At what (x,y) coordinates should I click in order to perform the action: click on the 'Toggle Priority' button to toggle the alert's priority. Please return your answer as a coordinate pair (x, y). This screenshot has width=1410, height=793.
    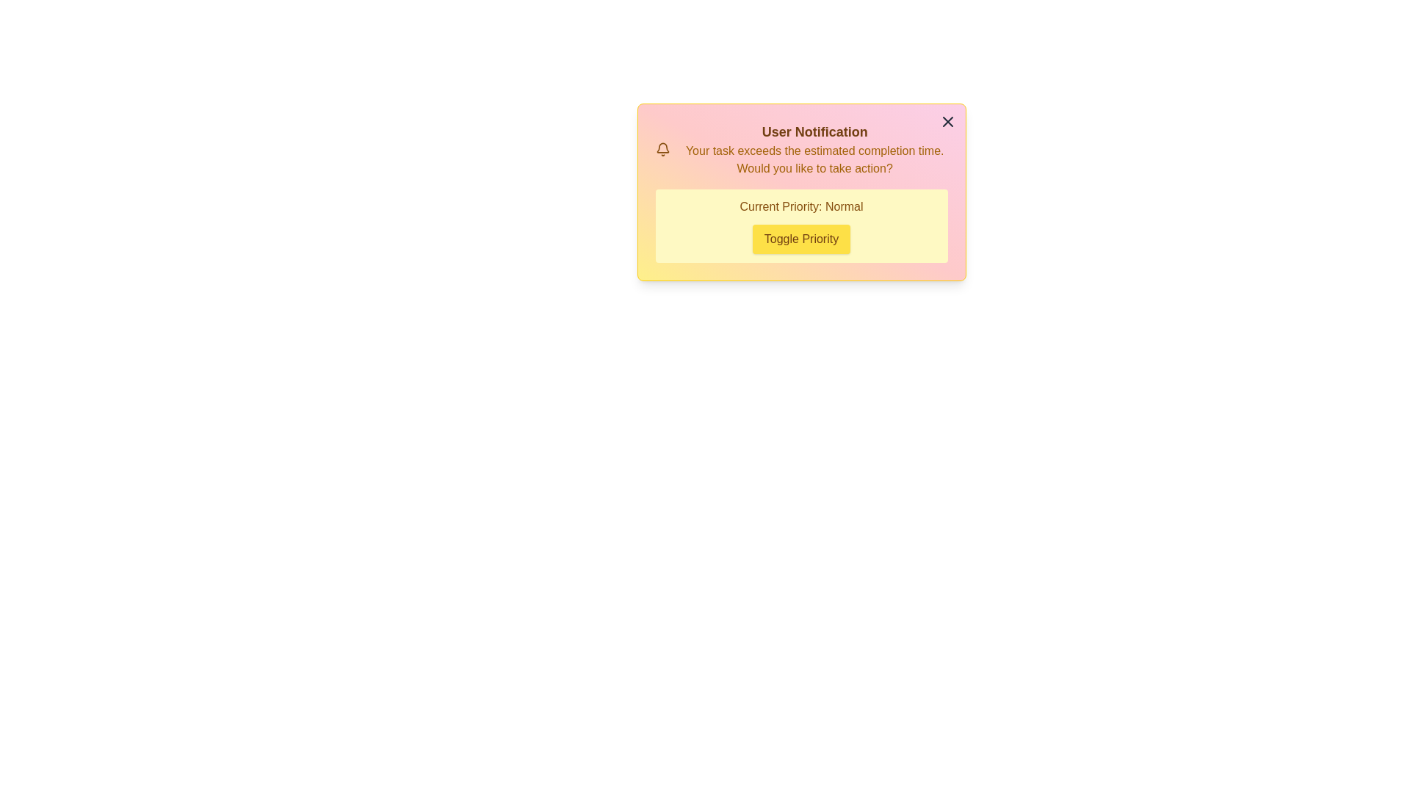
    Looking at the image, I should click on (800, 239).